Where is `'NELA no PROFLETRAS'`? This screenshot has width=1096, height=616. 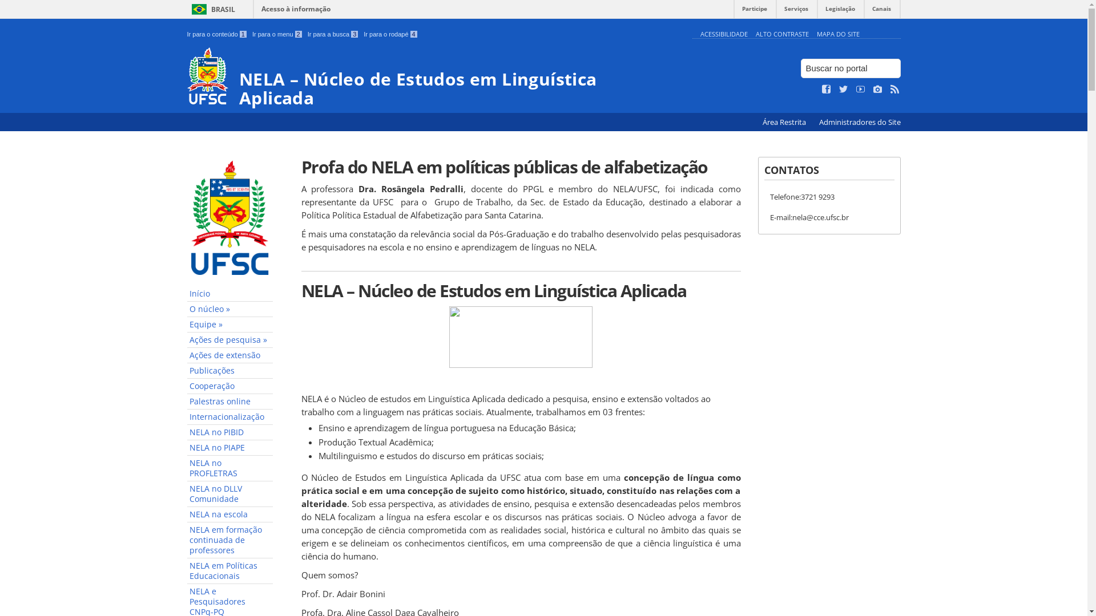 'NELA no PROFLETRAS' is located at coordinates (229, 468).